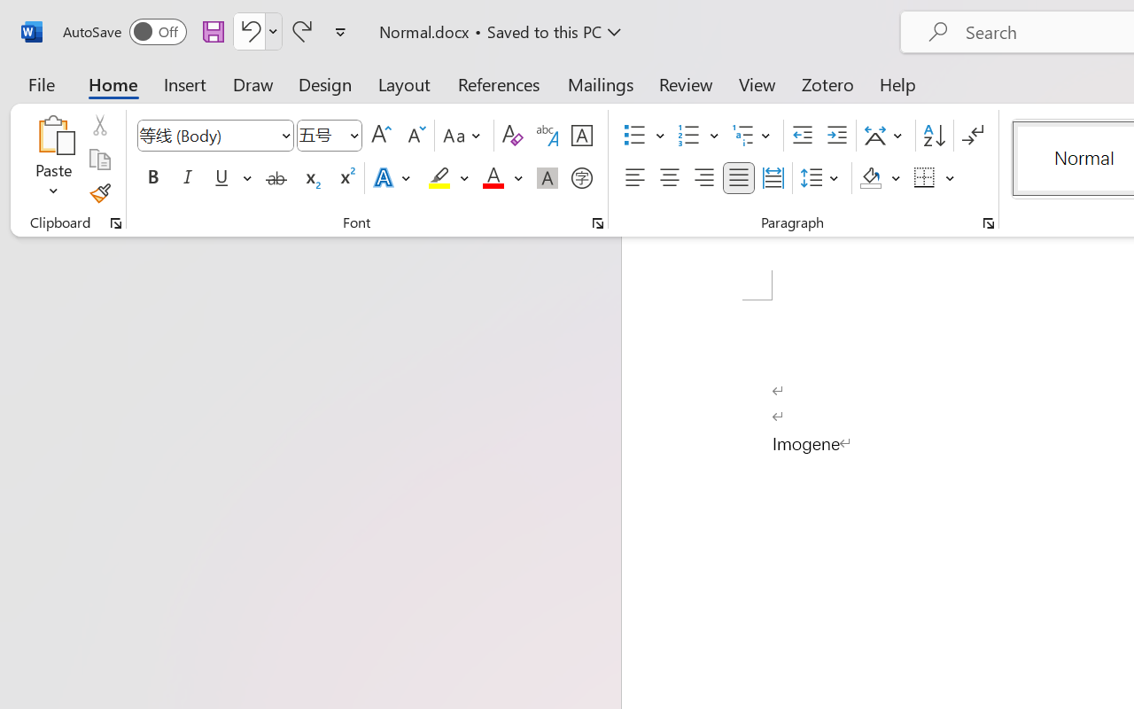  I want to click on 'Shading RGB(0, 0, 0)', so click(871, 178).